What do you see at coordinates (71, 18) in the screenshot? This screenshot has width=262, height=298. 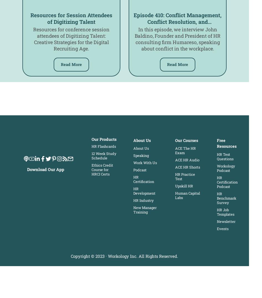 I see `'Resources for Session Attendees of Digitizing Talent'` at bounding box center [71, 18].